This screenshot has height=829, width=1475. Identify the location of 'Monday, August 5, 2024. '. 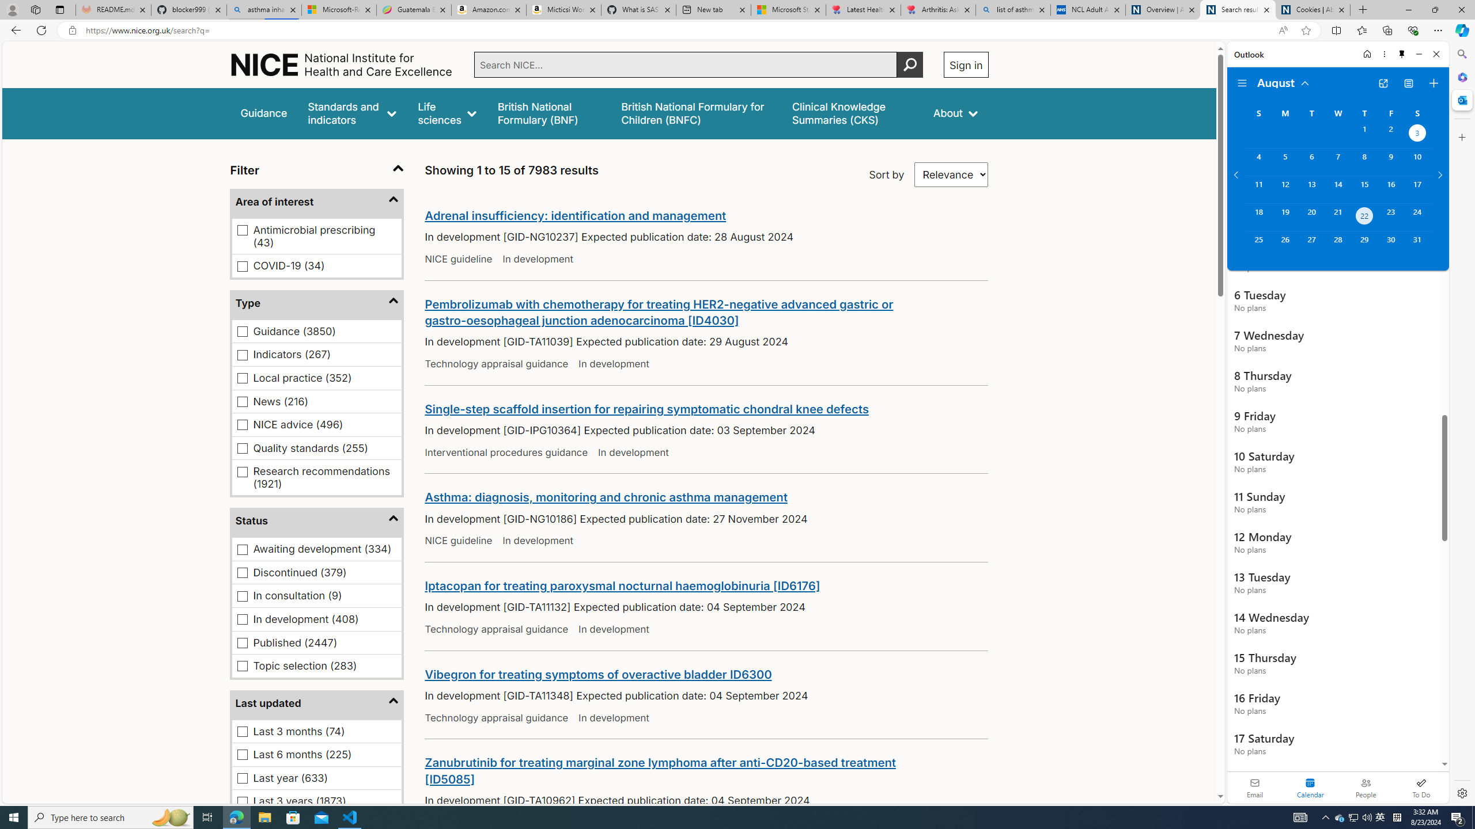
(1284, 161).